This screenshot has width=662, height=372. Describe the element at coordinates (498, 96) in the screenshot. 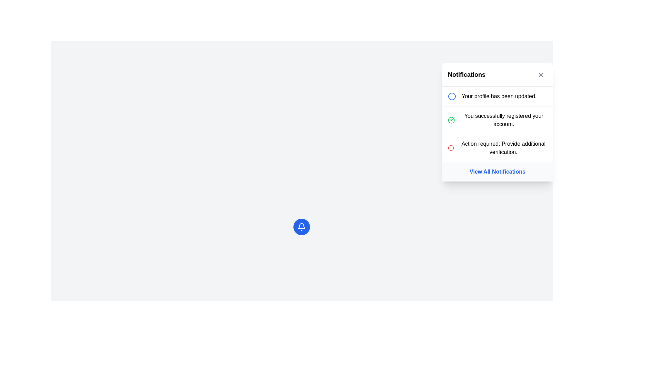

I see `the first notification item in the Notifications panel, which displays a message about an update to the user's profile` at that location.